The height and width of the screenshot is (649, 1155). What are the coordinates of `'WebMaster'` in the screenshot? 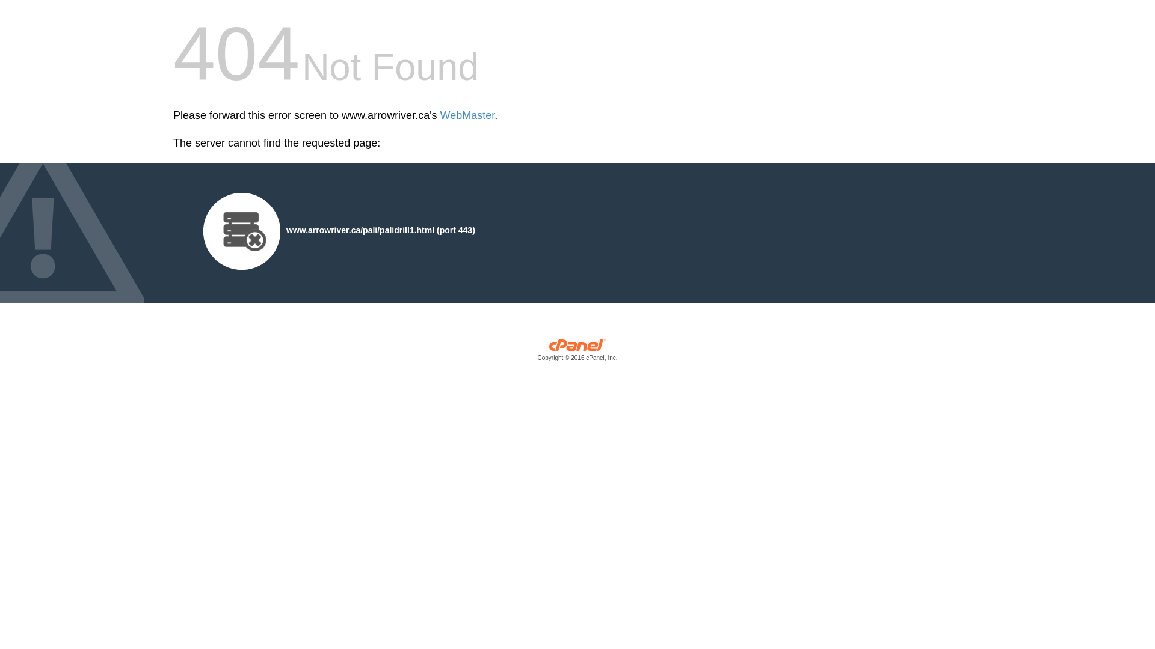 It's located at (467, 115).